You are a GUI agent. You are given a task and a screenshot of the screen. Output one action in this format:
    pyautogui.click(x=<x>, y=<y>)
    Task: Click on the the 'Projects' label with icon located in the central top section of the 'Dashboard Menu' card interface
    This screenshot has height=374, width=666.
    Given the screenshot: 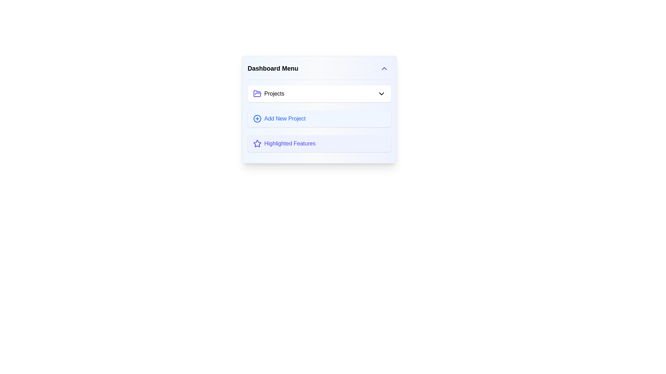 What is the action you would take?
    pyautogui.click(x=268, y=93)
    